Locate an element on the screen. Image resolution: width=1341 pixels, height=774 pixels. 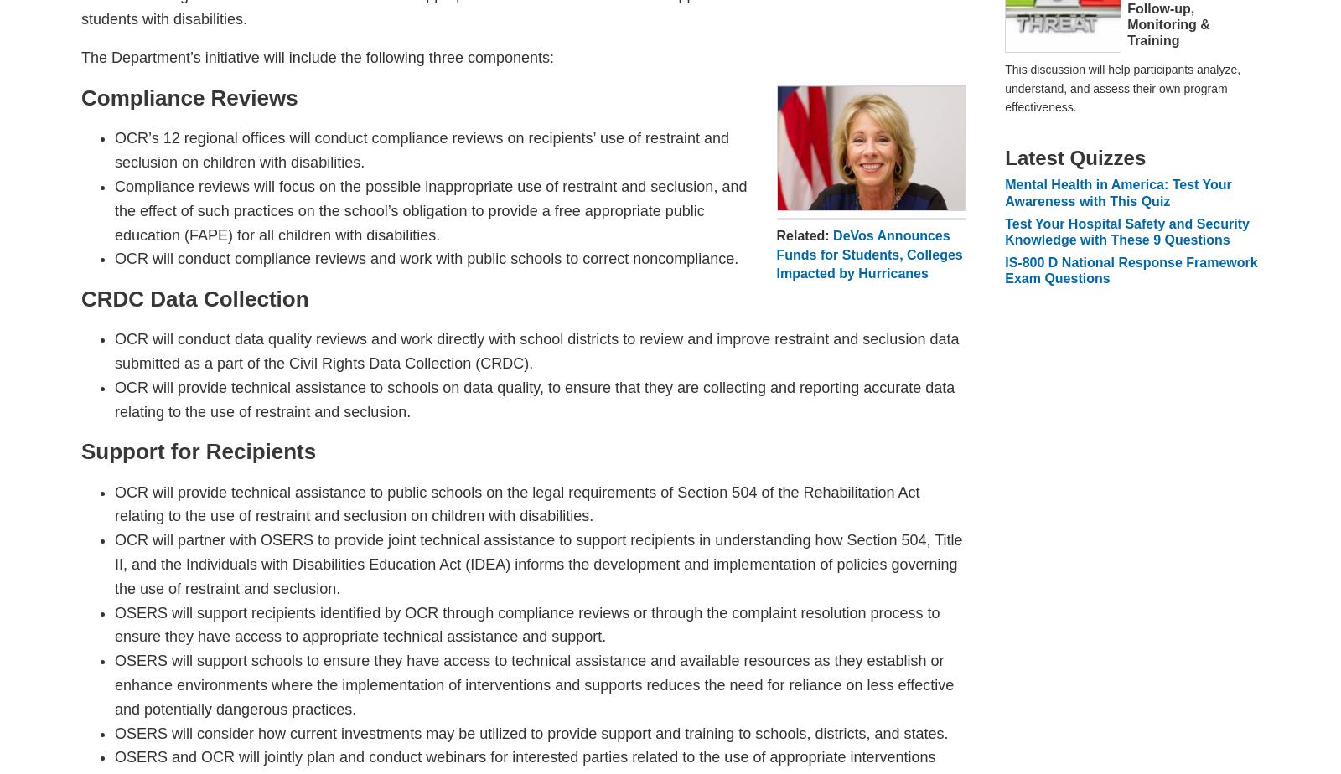
'OCR will partner with OSERS to provide joint technical assistance to support recipients in understanding how Section 504, Title II, and the Individuals with Disabilities Education Act (IDEA) informs the development and implementation of policies governing the use of restraint and seclusion.' is located at coordinates (113, 564).